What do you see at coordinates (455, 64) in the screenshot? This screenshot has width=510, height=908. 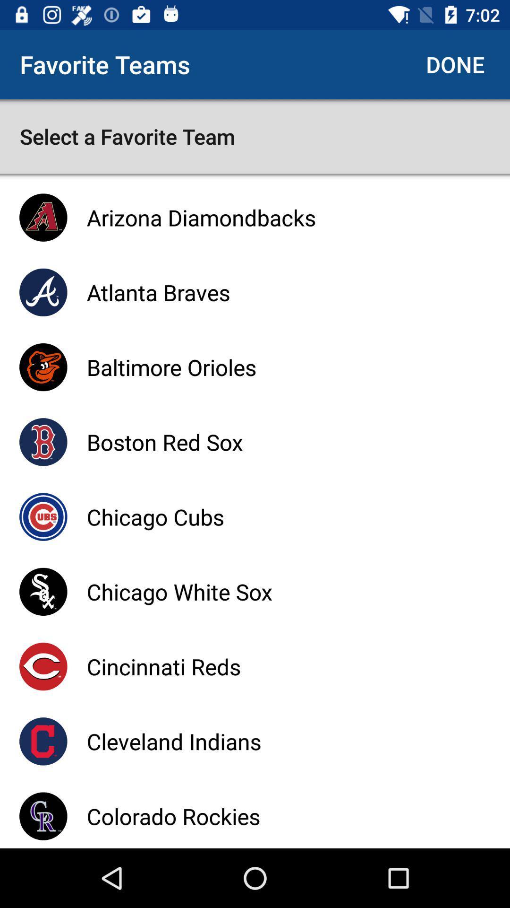 I see `item to the right of the favorite teams icon` at bounding box center [455, 64].